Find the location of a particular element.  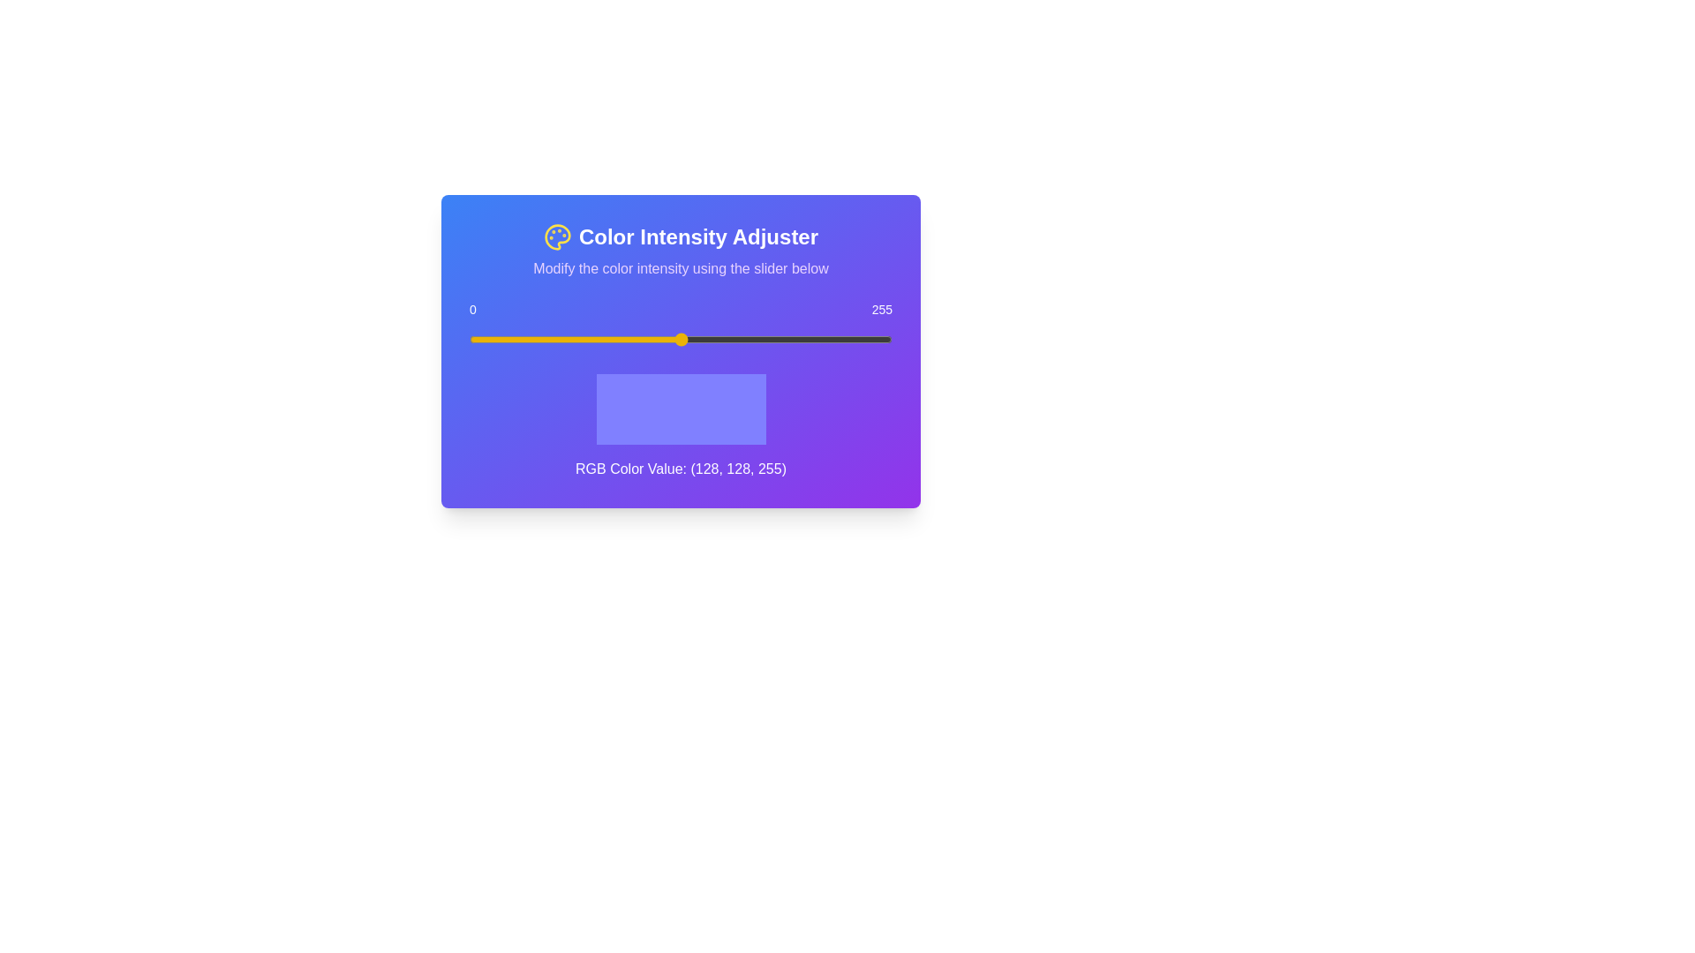

the slider to set the value to 112 is located at coordinates (654, 340).